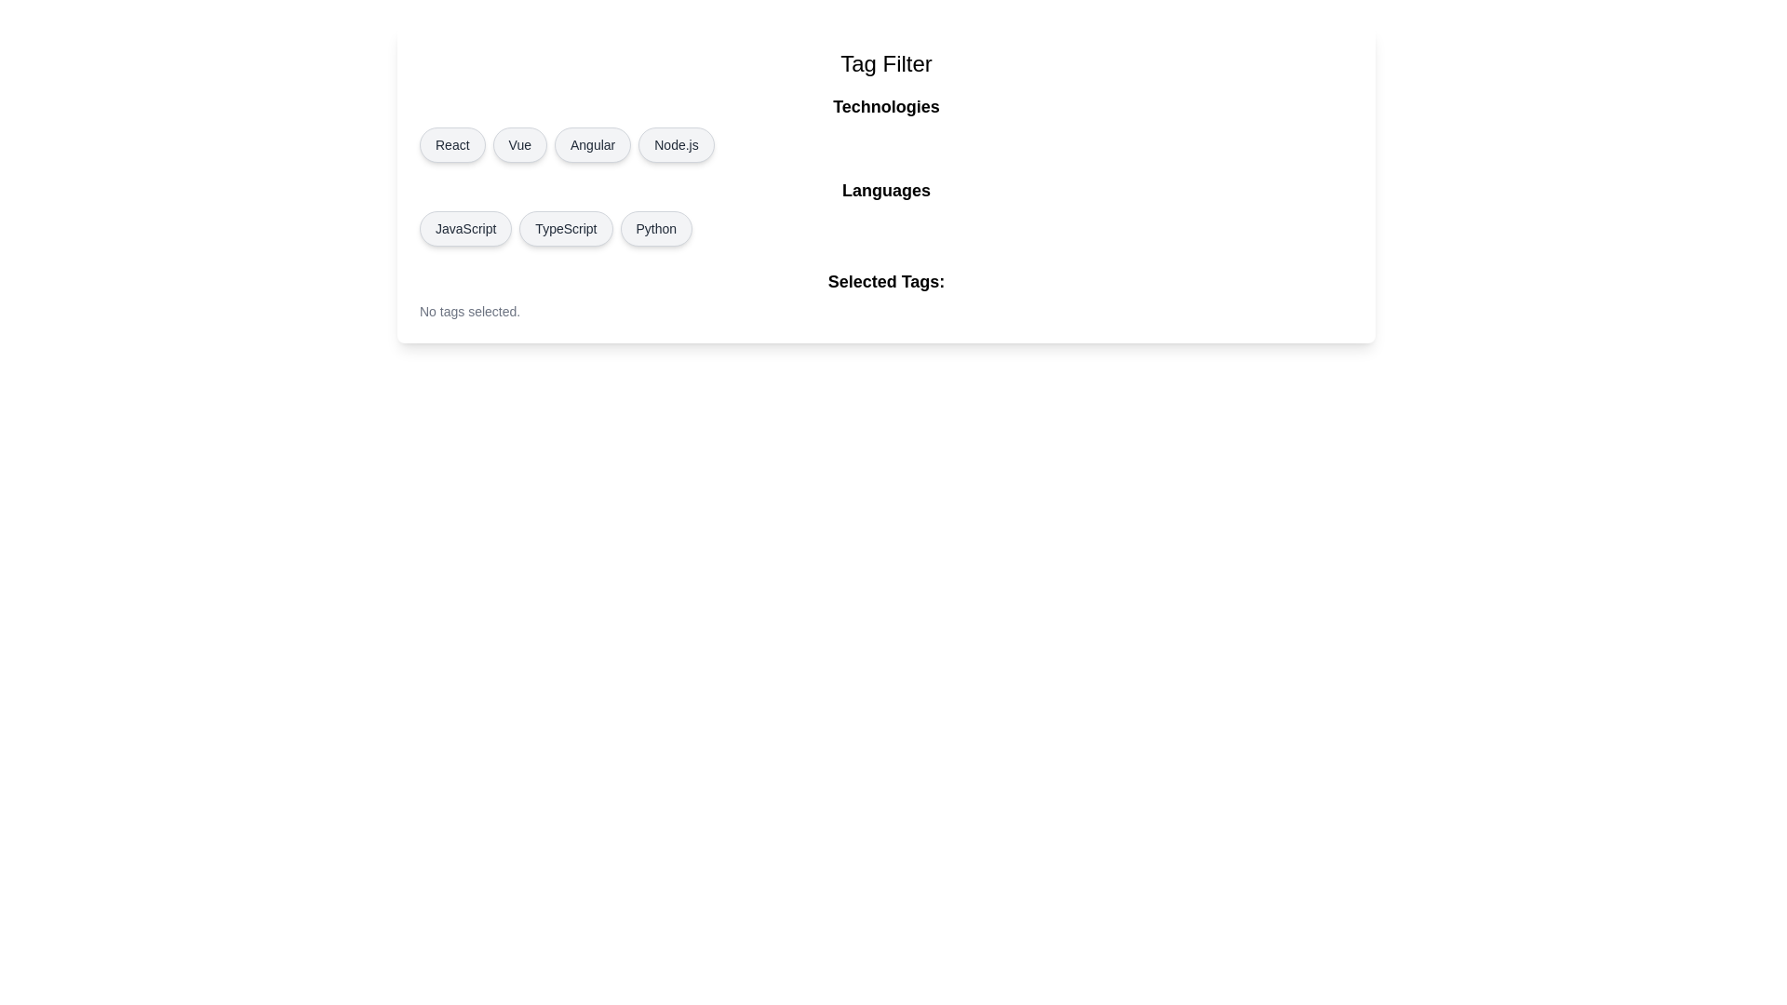 The image size is (1787, 1005). I want to click on the rounded rectangular button labeled 'JavaScript', so click(465, 228).